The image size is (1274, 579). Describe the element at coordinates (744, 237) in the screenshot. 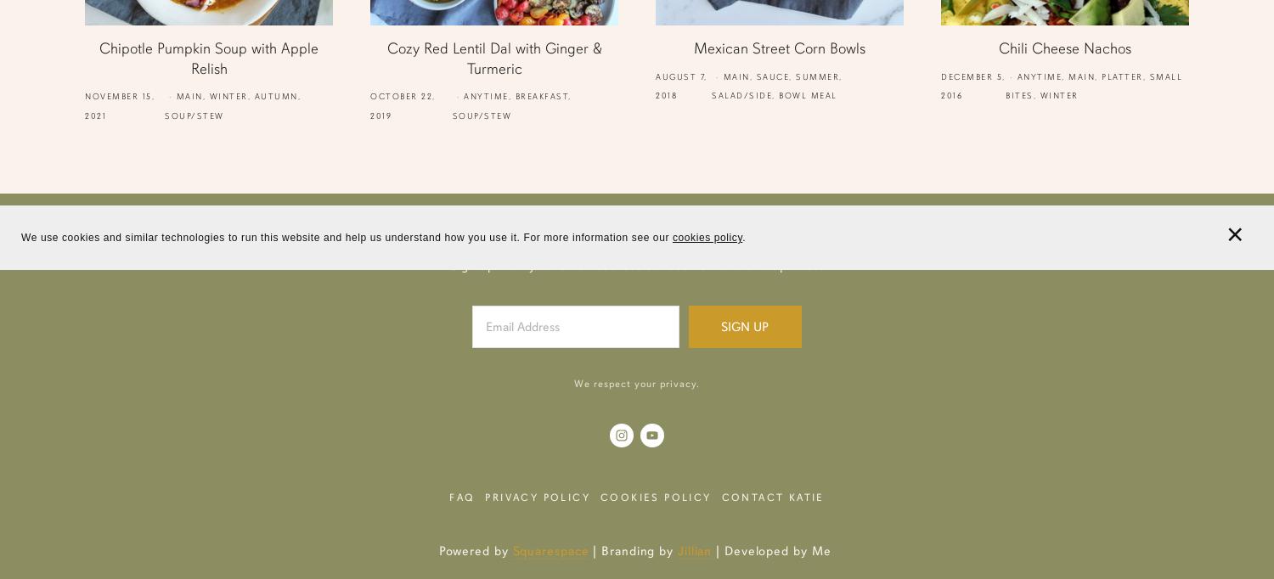

I see `'.'` at that location.